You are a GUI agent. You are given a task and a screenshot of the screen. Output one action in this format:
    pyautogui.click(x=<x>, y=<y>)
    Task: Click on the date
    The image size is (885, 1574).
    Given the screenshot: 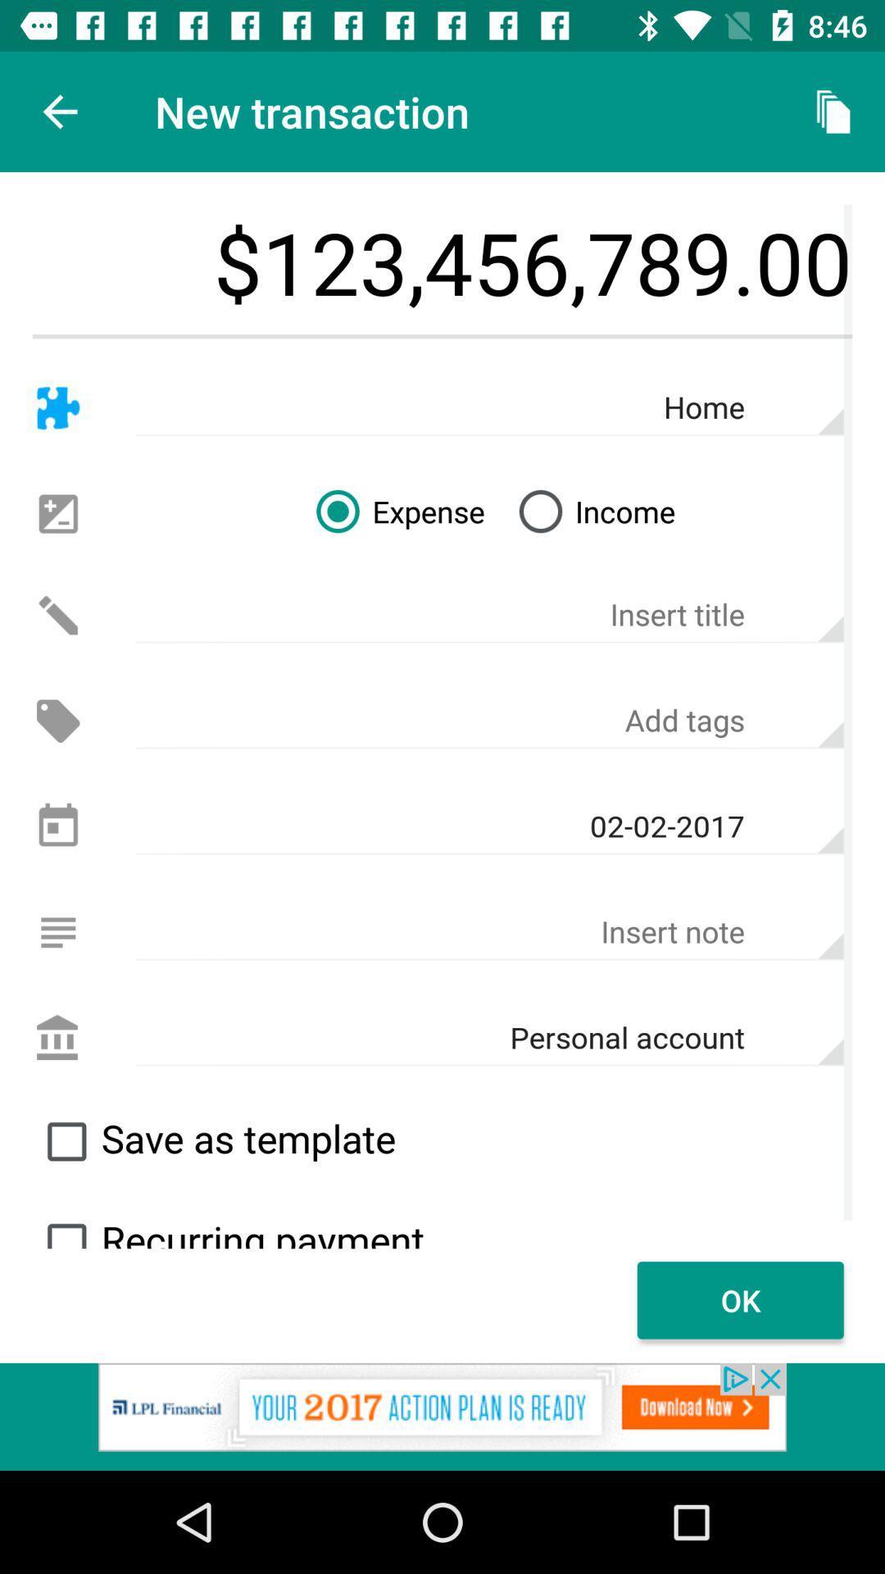 What is the action you would take?
    pyautogui.click(x=57, y=826)
    